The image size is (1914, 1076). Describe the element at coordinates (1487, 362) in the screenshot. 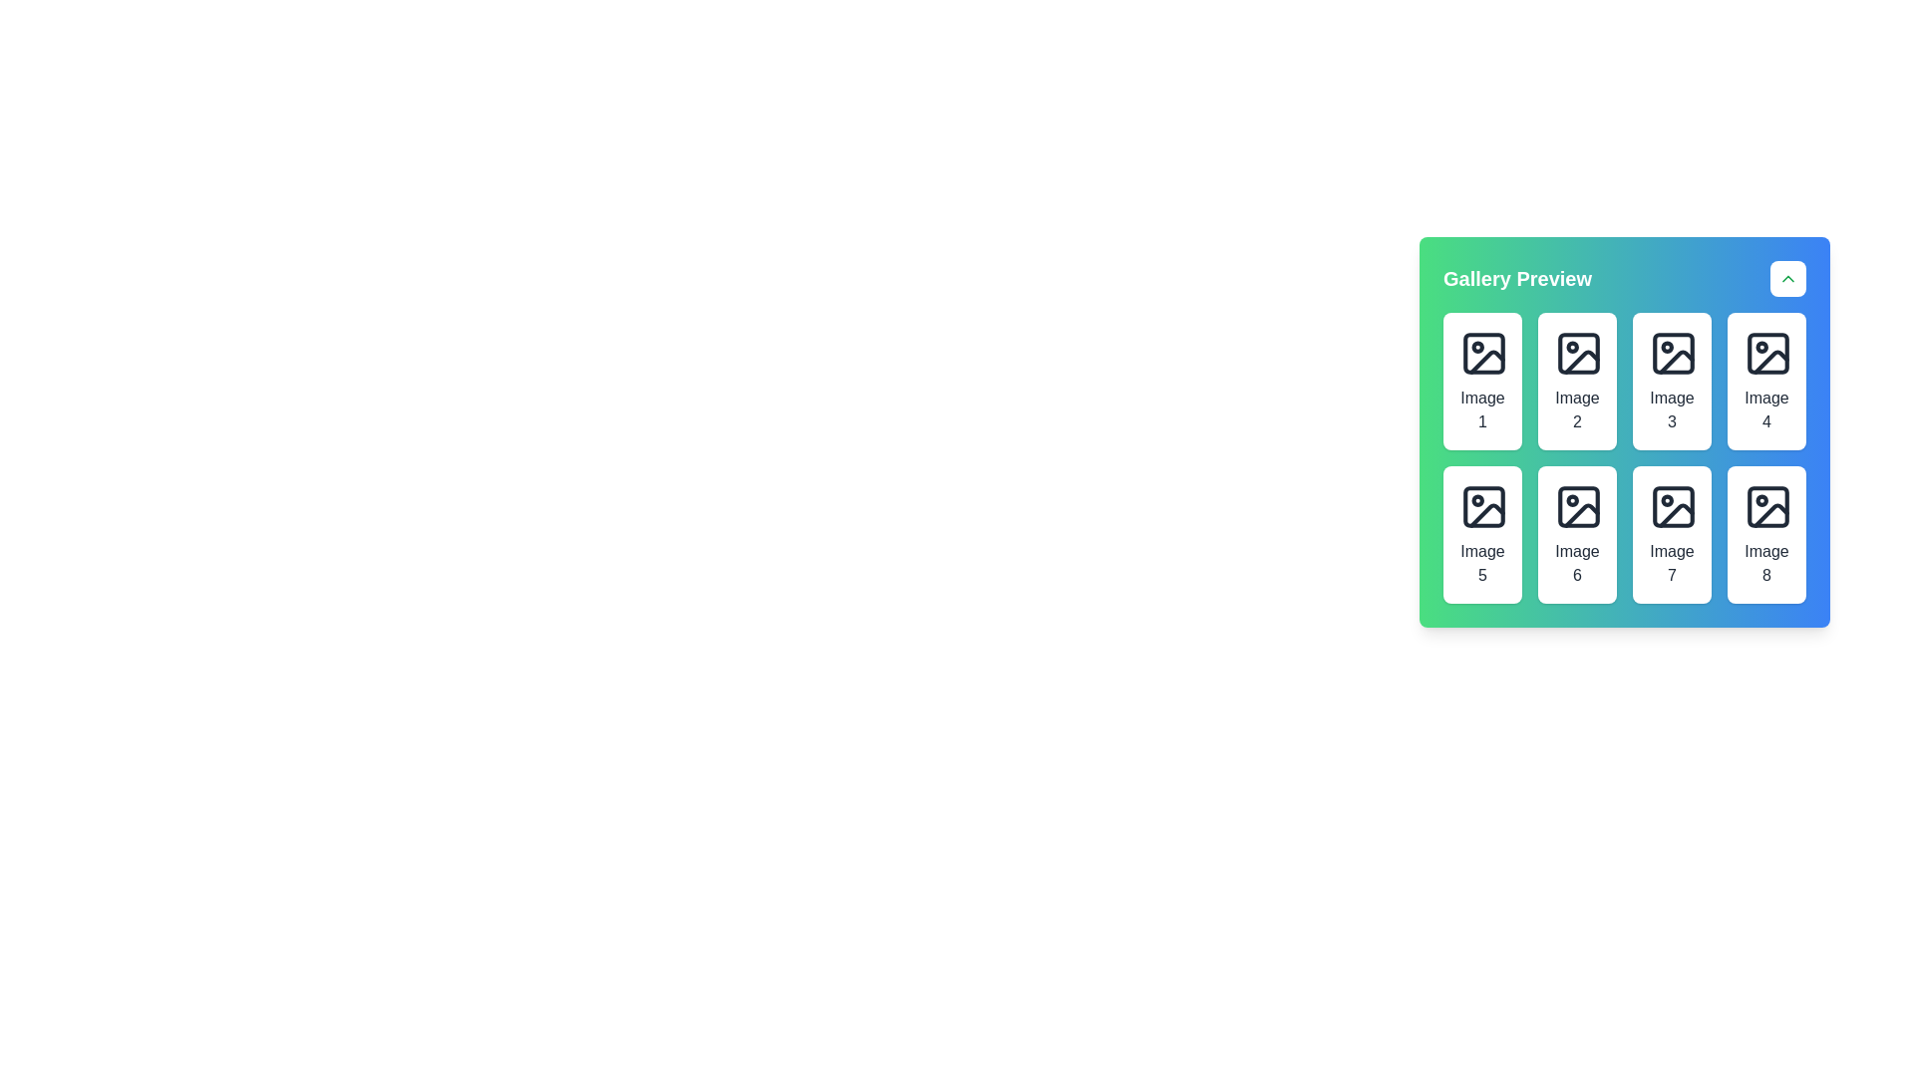

I see `the icon component representing the first image thumbnail in the gallery preview grid located at the top-left corner of the interface` at that location.